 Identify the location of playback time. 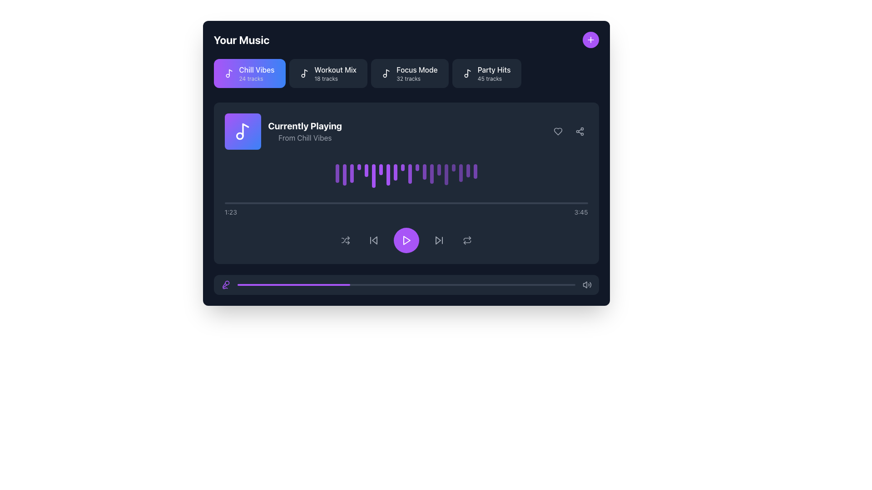
(375, 203).